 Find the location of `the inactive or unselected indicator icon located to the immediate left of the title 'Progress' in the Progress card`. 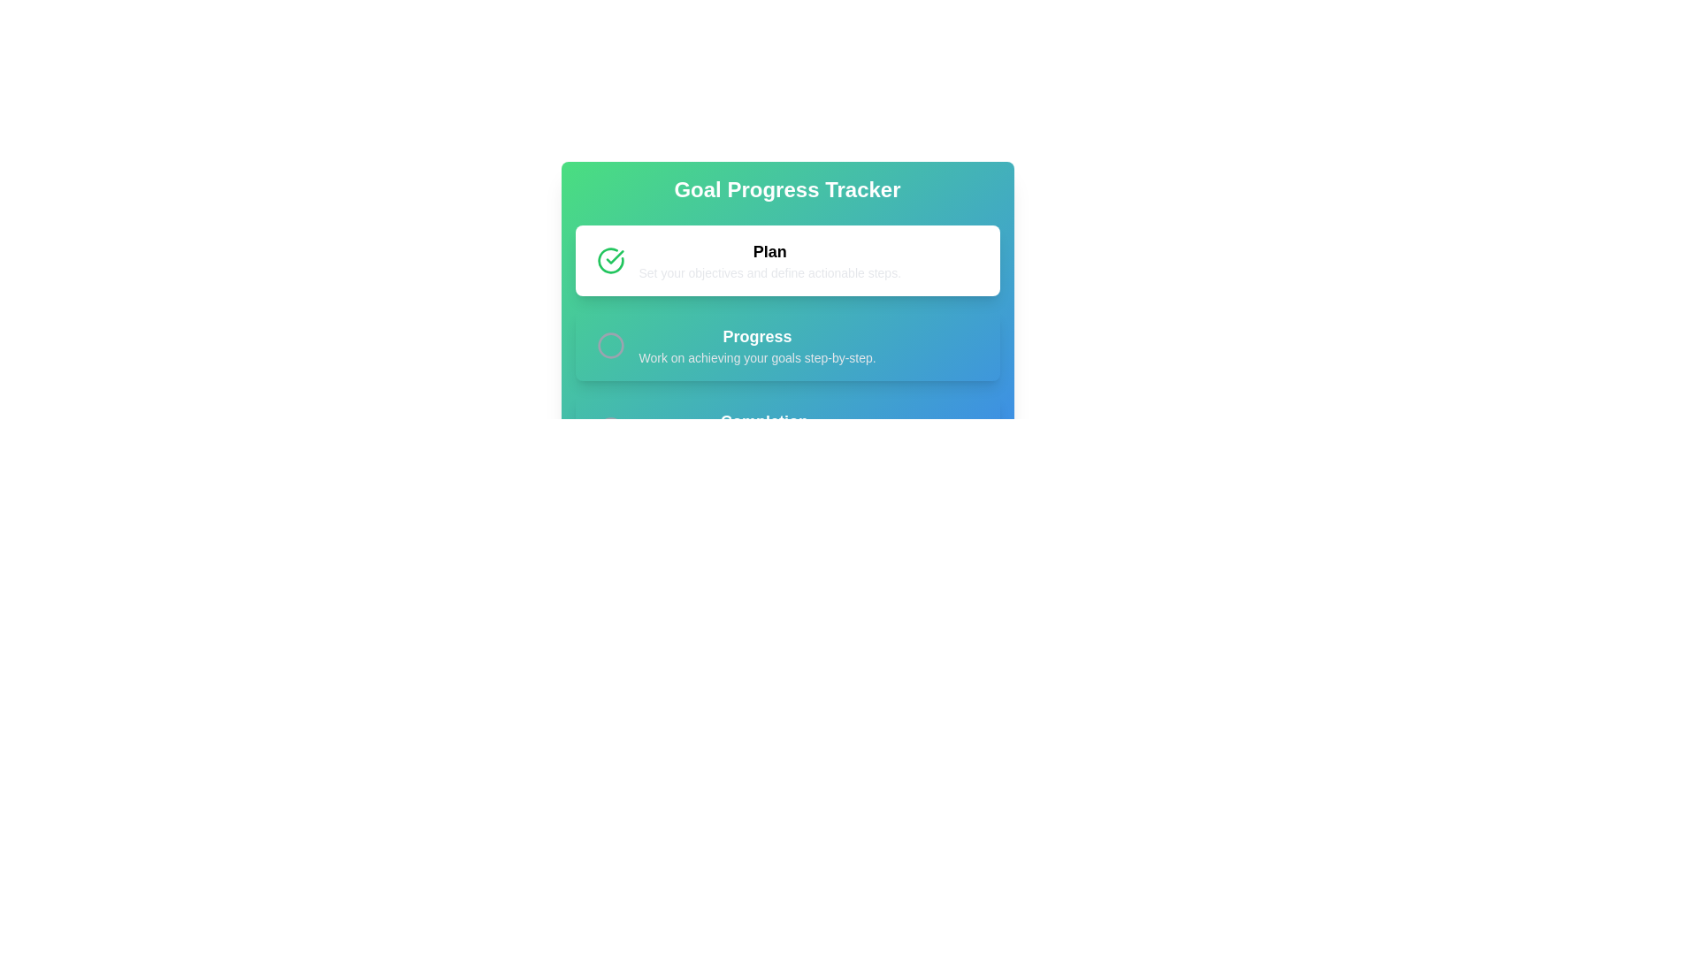

the inactive or unselected indicator icon located to the immediate left of the title 'Progress' in the Progress card is located at coordinates (610, 345).